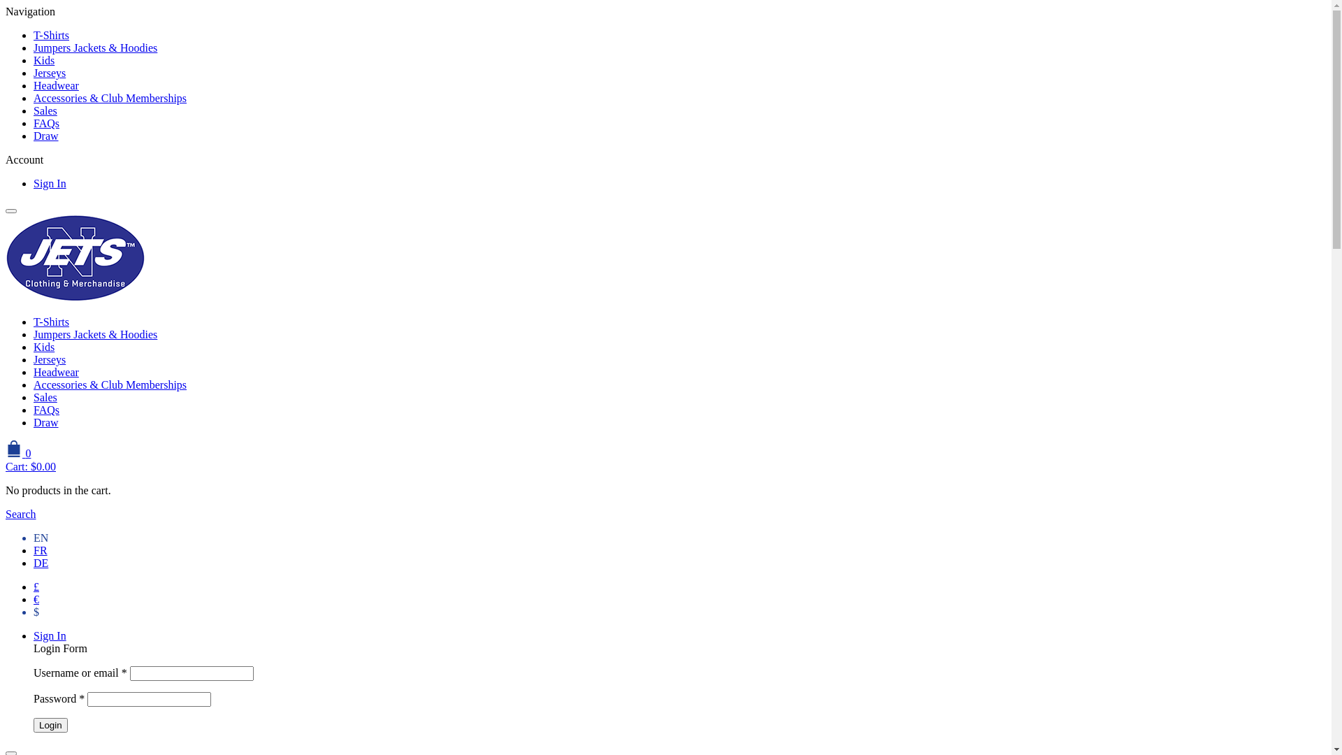 This screenshot has height=755, width=1342. Describe the element at coordinates (46, 409) in the screenshot. I see `'FAQs'` at that location.